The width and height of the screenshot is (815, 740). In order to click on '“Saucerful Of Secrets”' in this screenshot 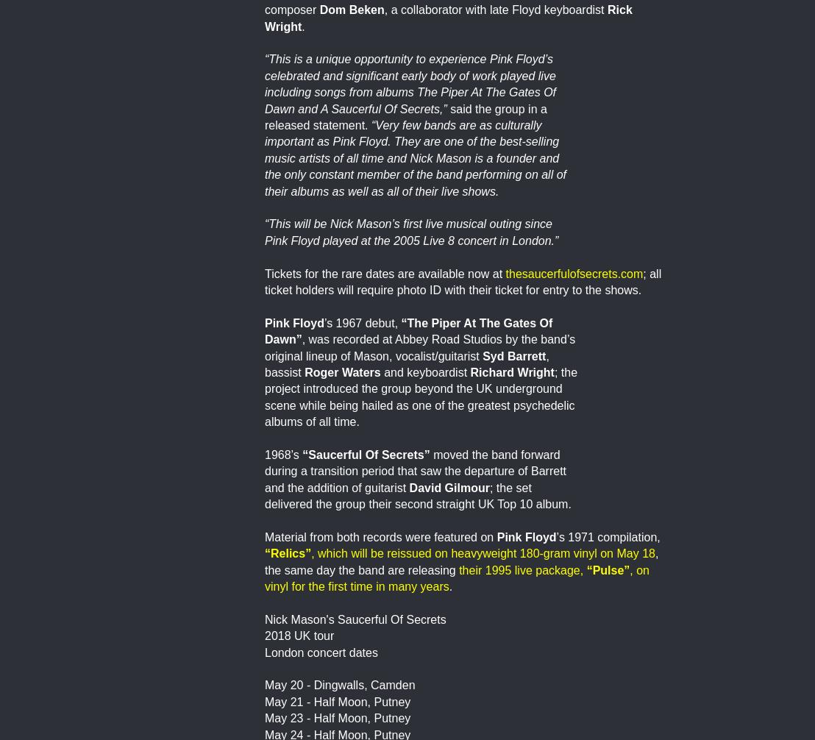, I will do `click(366, 454)`.